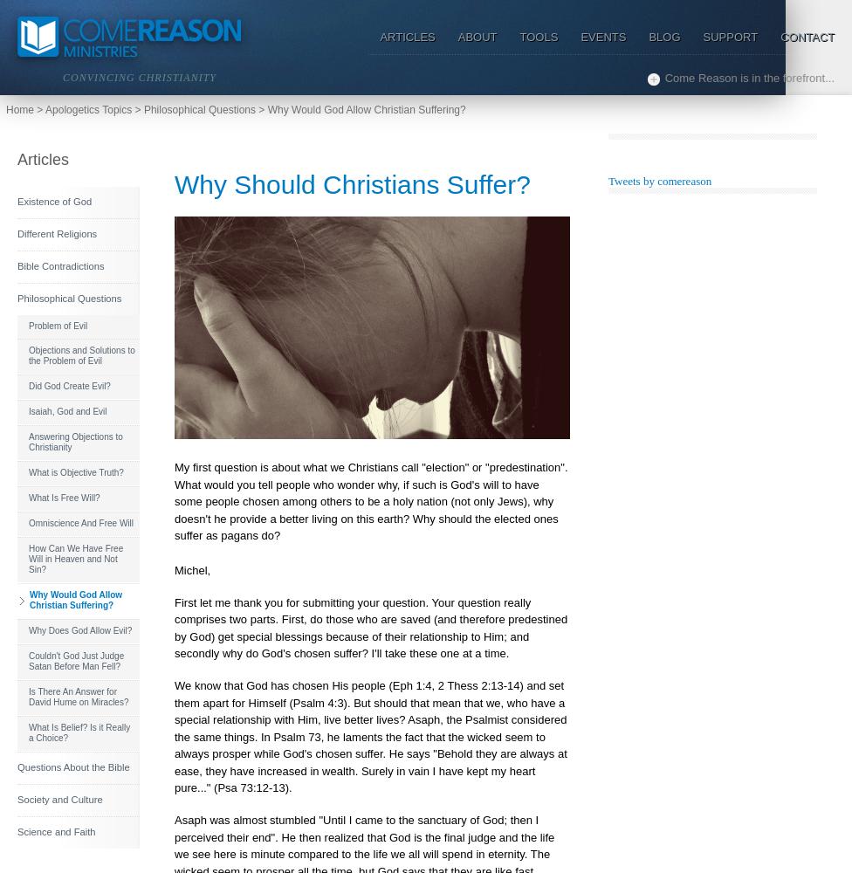 This screenshot has width=852, height=873. Describe the element at coordinates (64, 497) in the screenshot. I see `'What Is Free Will?'` at that location.